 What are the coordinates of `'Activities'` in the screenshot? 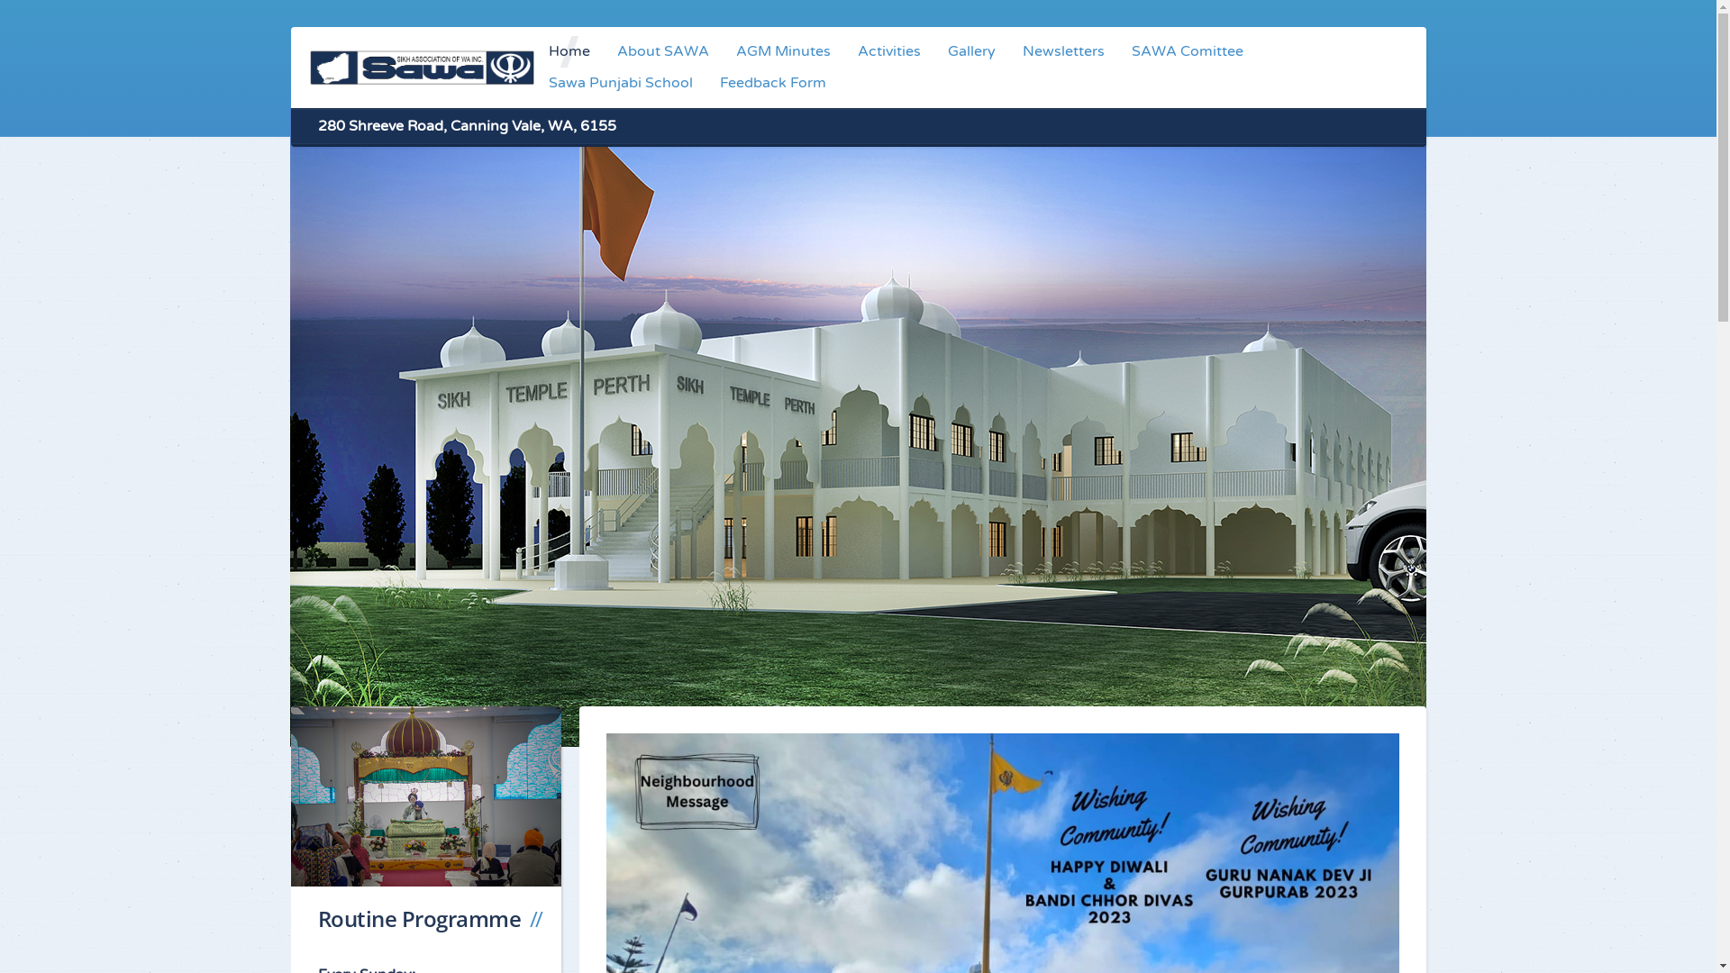 It's located at (889, 50).